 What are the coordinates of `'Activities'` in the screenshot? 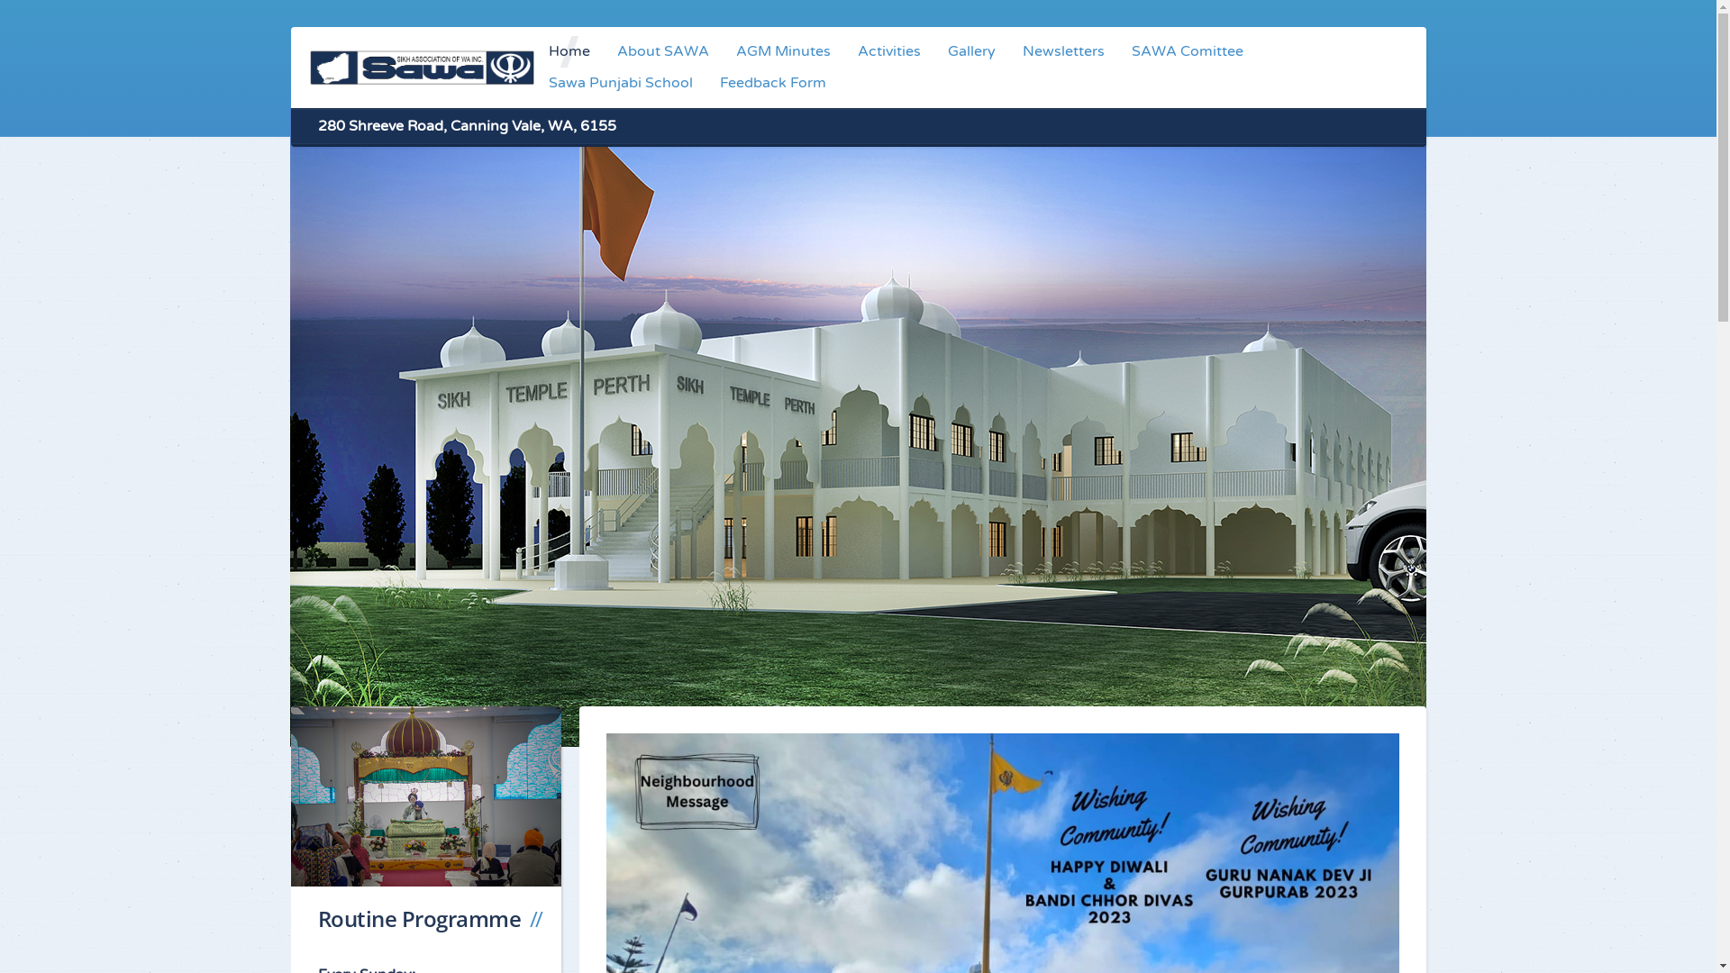 It's located at (889, 50).